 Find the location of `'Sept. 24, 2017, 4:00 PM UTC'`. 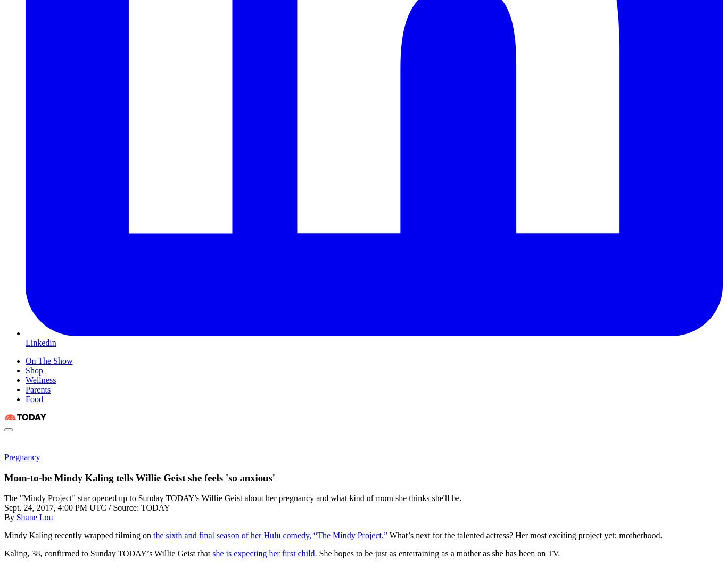

'Sept. 24, 2017, 4:00 PM UTC' is located at coordinates (55, 507).